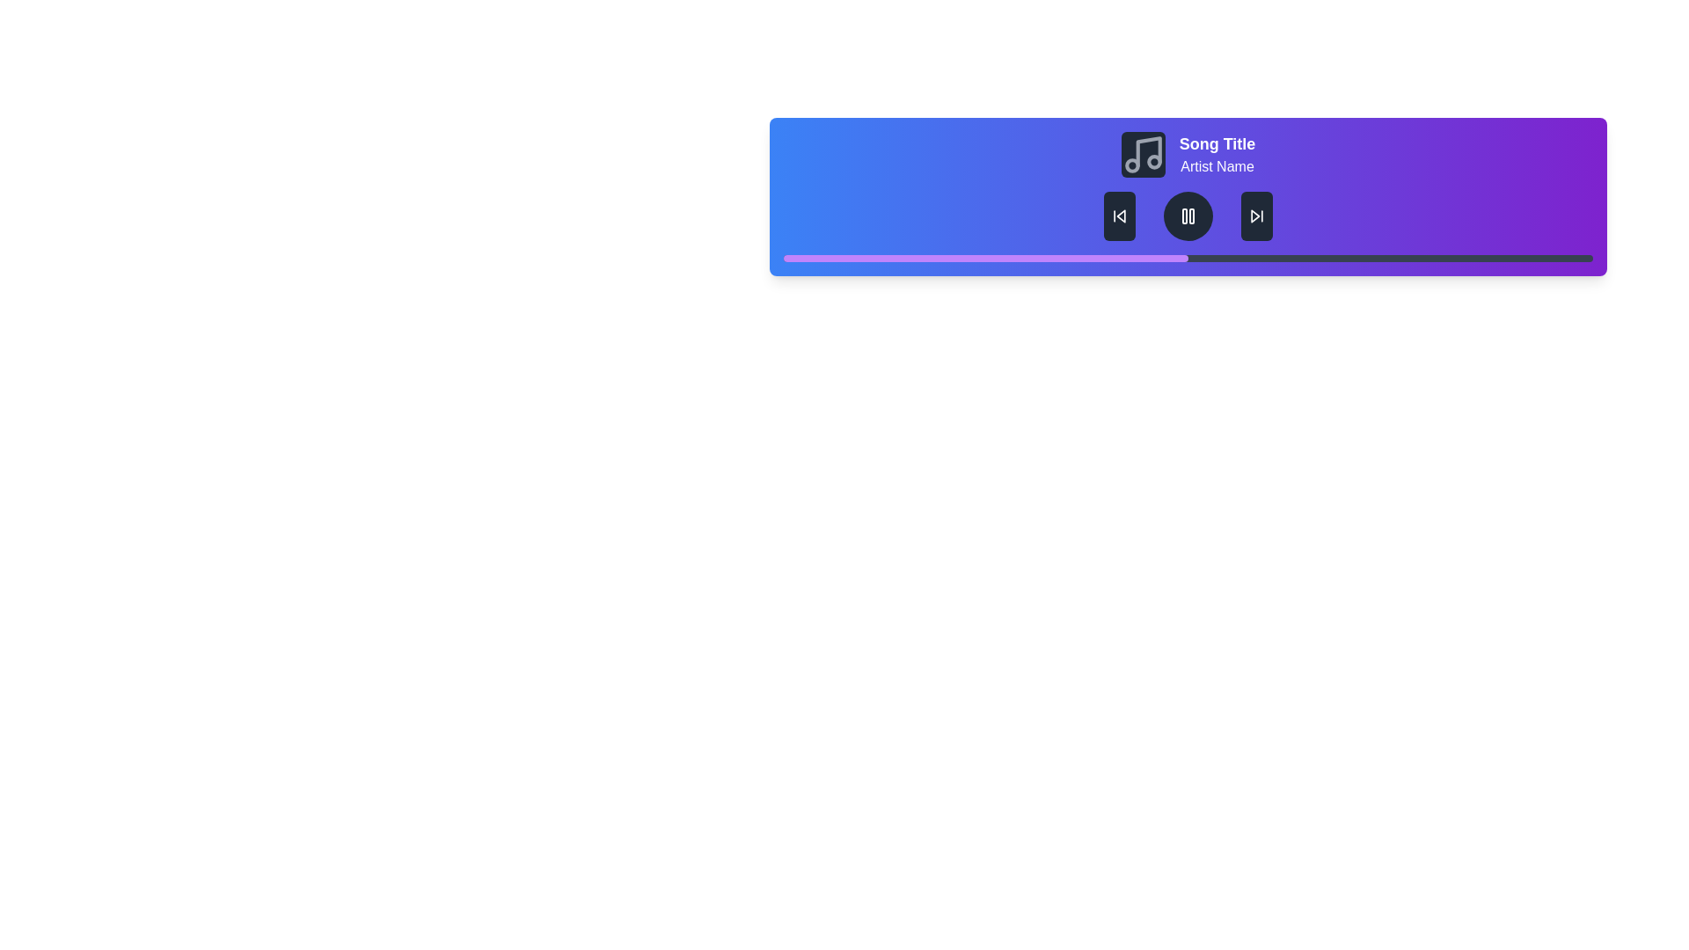 This screenshot has width=1689, height=950. Describe the element at coordinates (1301, 258) in the screenshot. I see `progress` at that location.